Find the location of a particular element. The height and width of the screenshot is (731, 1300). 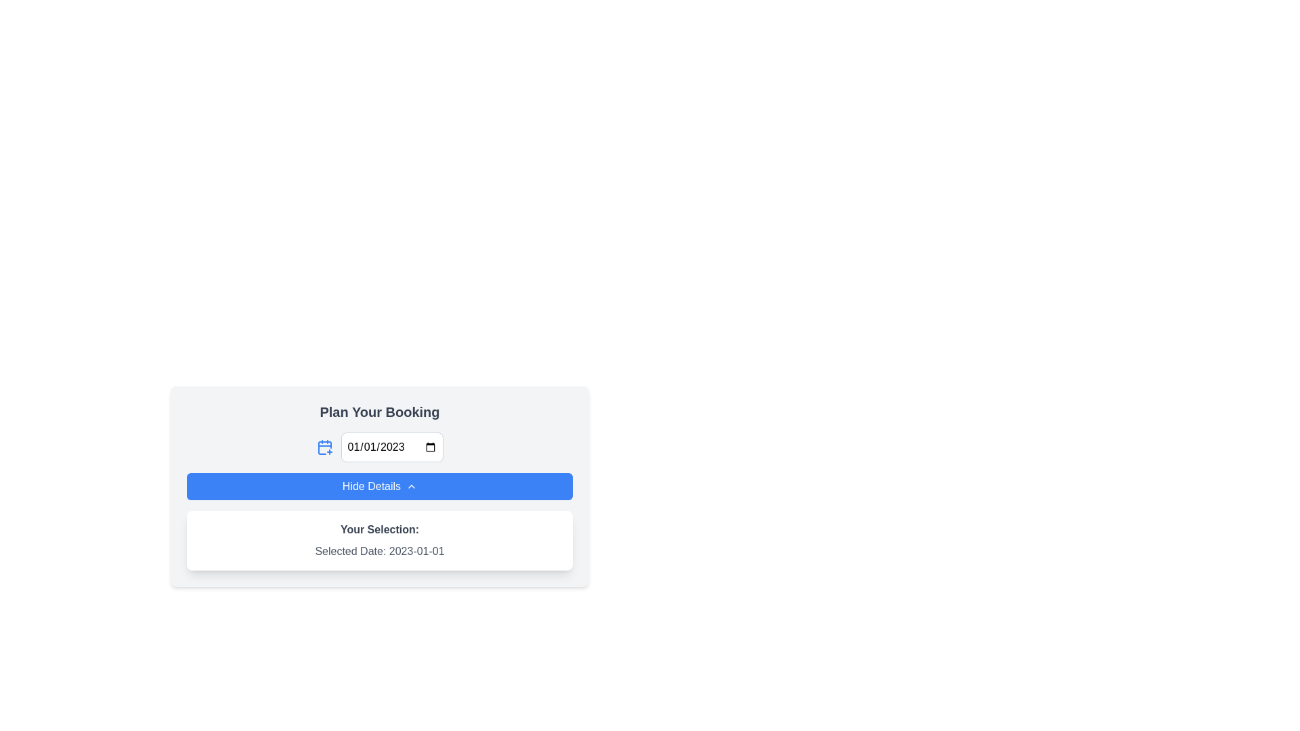

the date field in the Date Picker Component located beneath the 'Plan Your Booking' title to change the date is located at coordinates (379, 447).